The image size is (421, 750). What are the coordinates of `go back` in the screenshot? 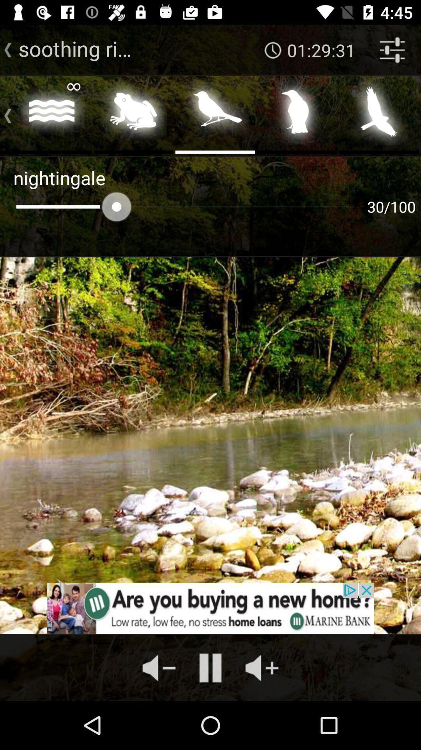 It's located at (5, 114).